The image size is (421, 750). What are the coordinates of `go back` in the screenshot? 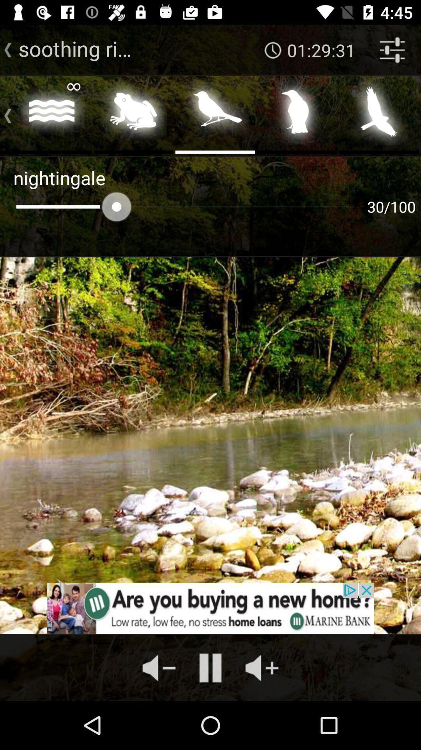 It's located at (5, 114).